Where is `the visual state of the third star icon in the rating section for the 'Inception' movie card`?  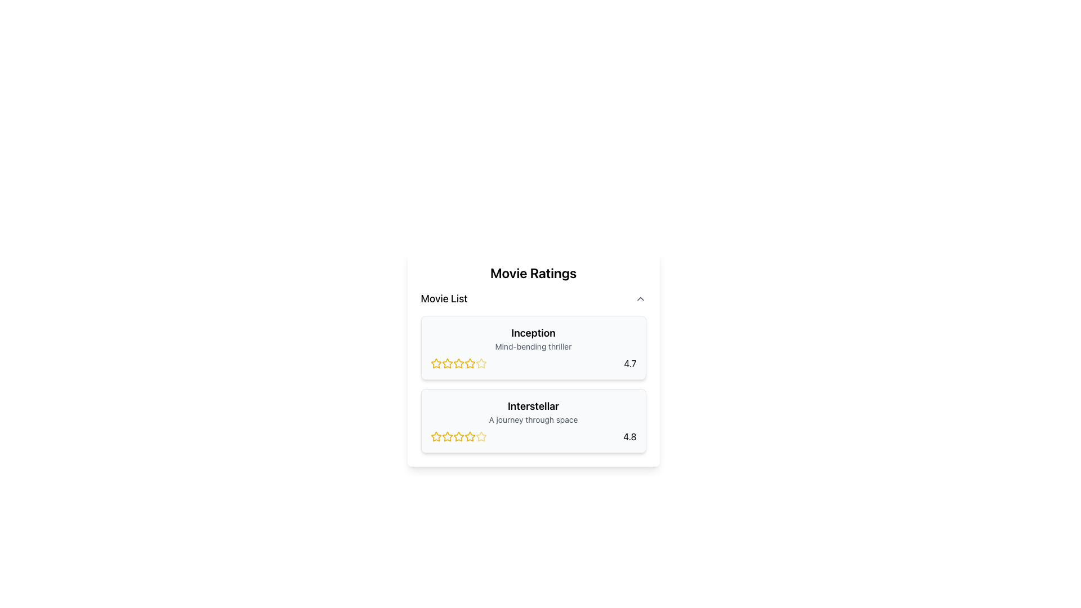 the visual state of the third star icon in the rating section for the 'Inception' movie card is located at coordinates (446, 363).